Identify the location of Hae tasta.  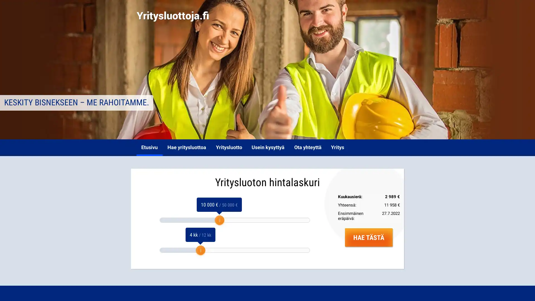
(369, 237).